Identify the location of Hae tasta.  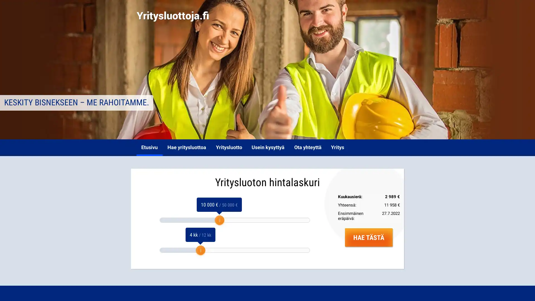
(369, 237).